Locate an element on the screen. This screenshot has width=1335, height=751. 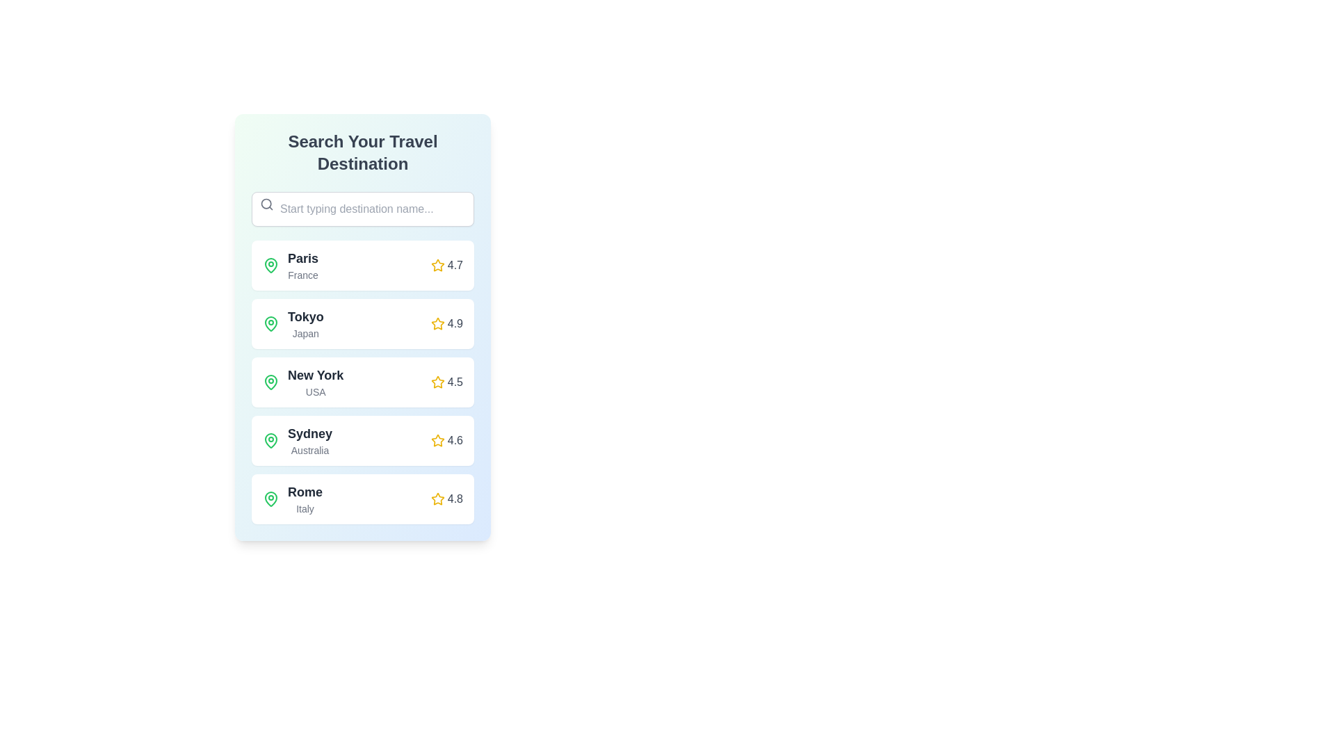
the text block displaying 'Sydney' and 'Australia', which is the fourth entry in the list of travel destinations within the card panel is located at coordinates (309, 440).